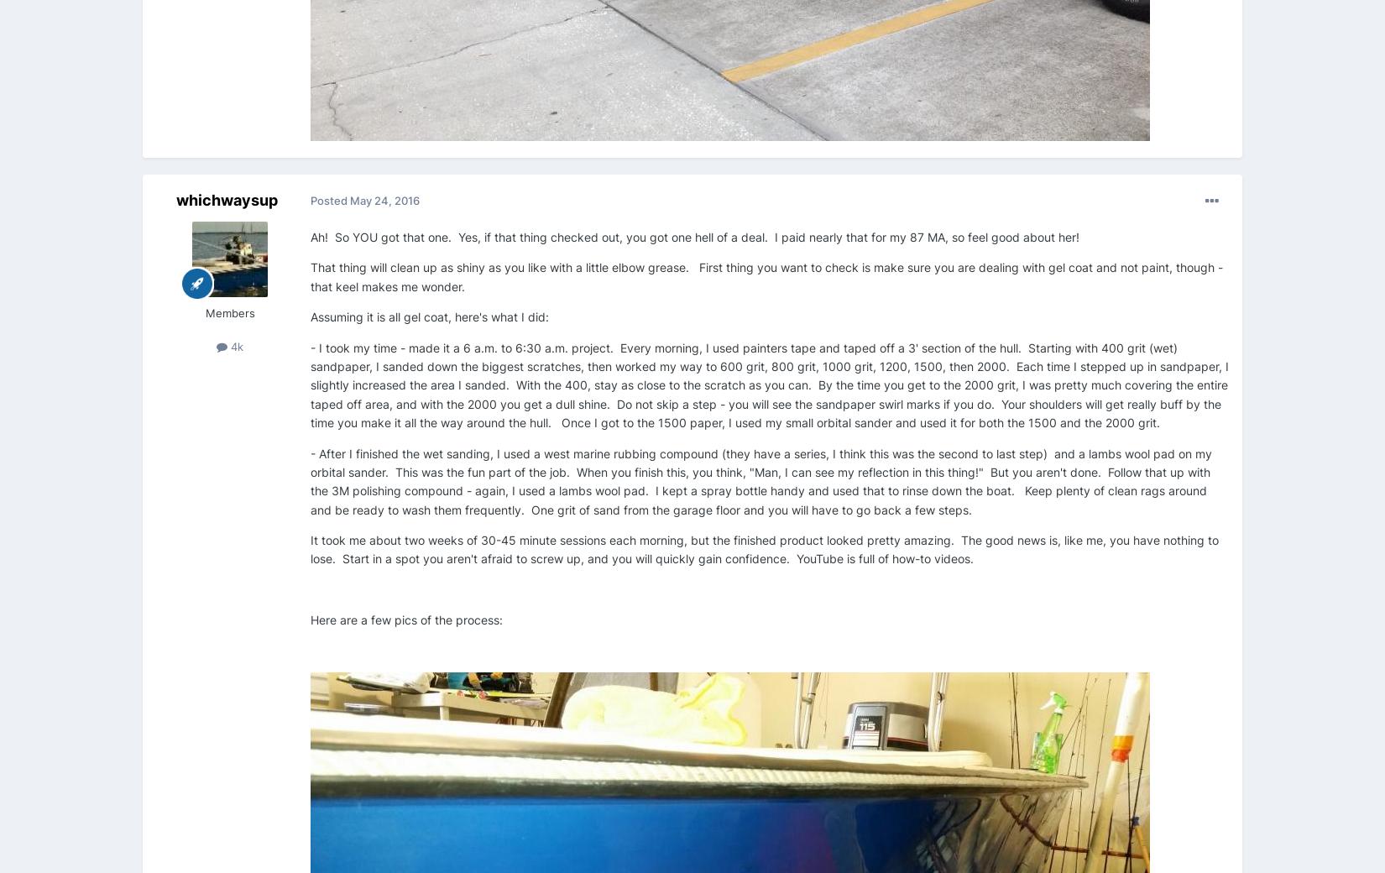 Image resolution: width=1385 pixels, height=873 pixels. I want to click on 'May 24, 2016', so click(348, 200).